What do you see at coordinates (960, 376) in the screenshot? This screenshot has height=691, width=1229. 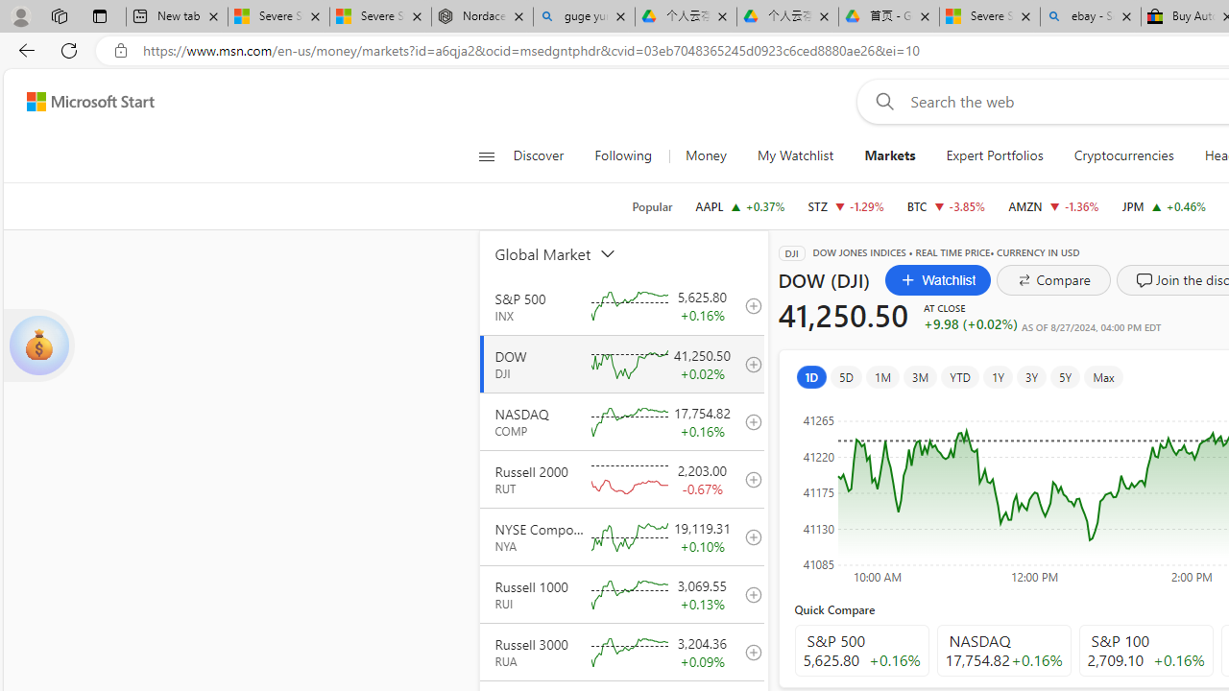 I see `'YTD'` at bounding box center [960, 376].